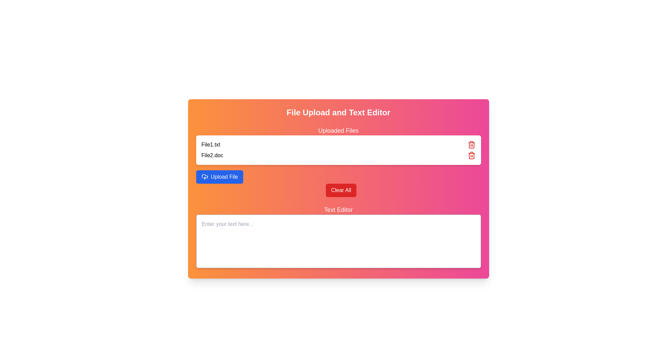 The width and height of the screenshot is (645, 362). I want to click on the red 'Clear All' button with rounded corners and white text to observe visual feedback, so click(341, 190).